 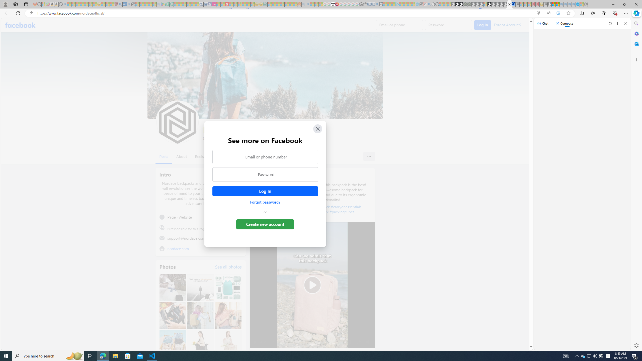 I want to click on 'Target page - Wikipedia', so click(x=333, y=4).